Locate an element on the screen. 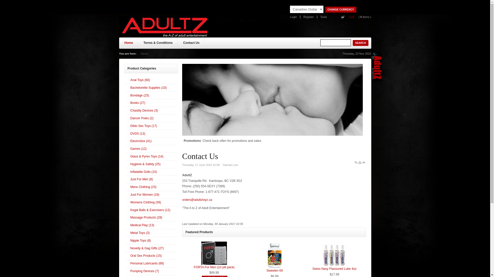  'Swiss Navy Flavoured Lube 4oz' is located at coordinates (334, 265).